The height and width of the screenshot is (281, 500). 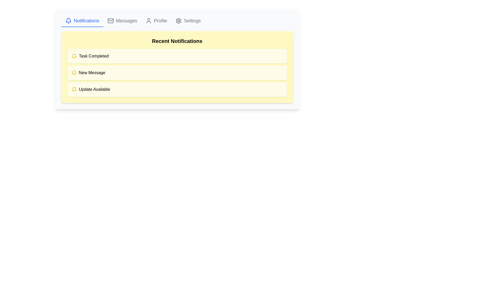 I want to click on the second notification card displaying 'New Message' in the 'Recent Notifications' section, so click(x=177, y=73).